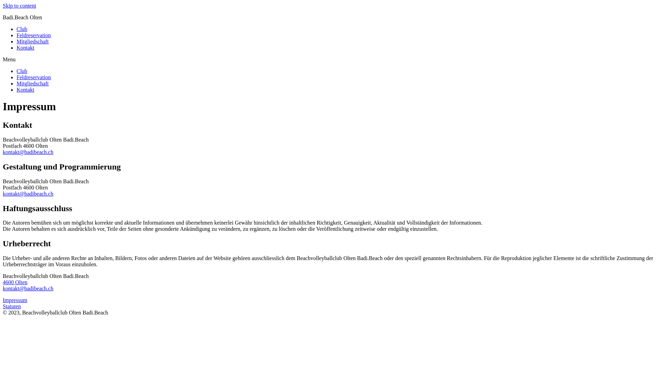 The width and height of the screenshot is (662, 372). What do you see at coordinates (28, 288) in the screenshot?
I see `'kontakt@badibeach.ch'` at bounding box center [28, 288].